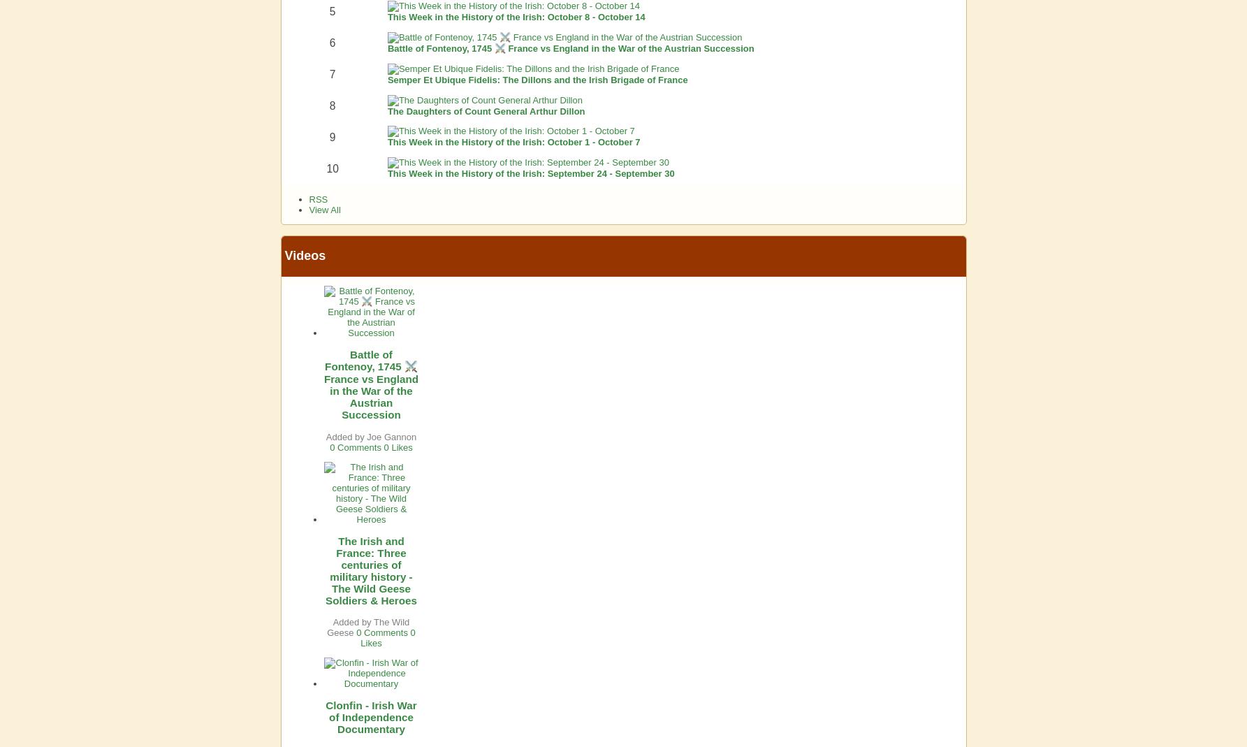  What do you see at coordinates (537, 79) in the screenshot?
I see `'Semper Et Ubique Fidelis: The Dillons and the Irish Brigade of France'` at bounding box center [537, 79].